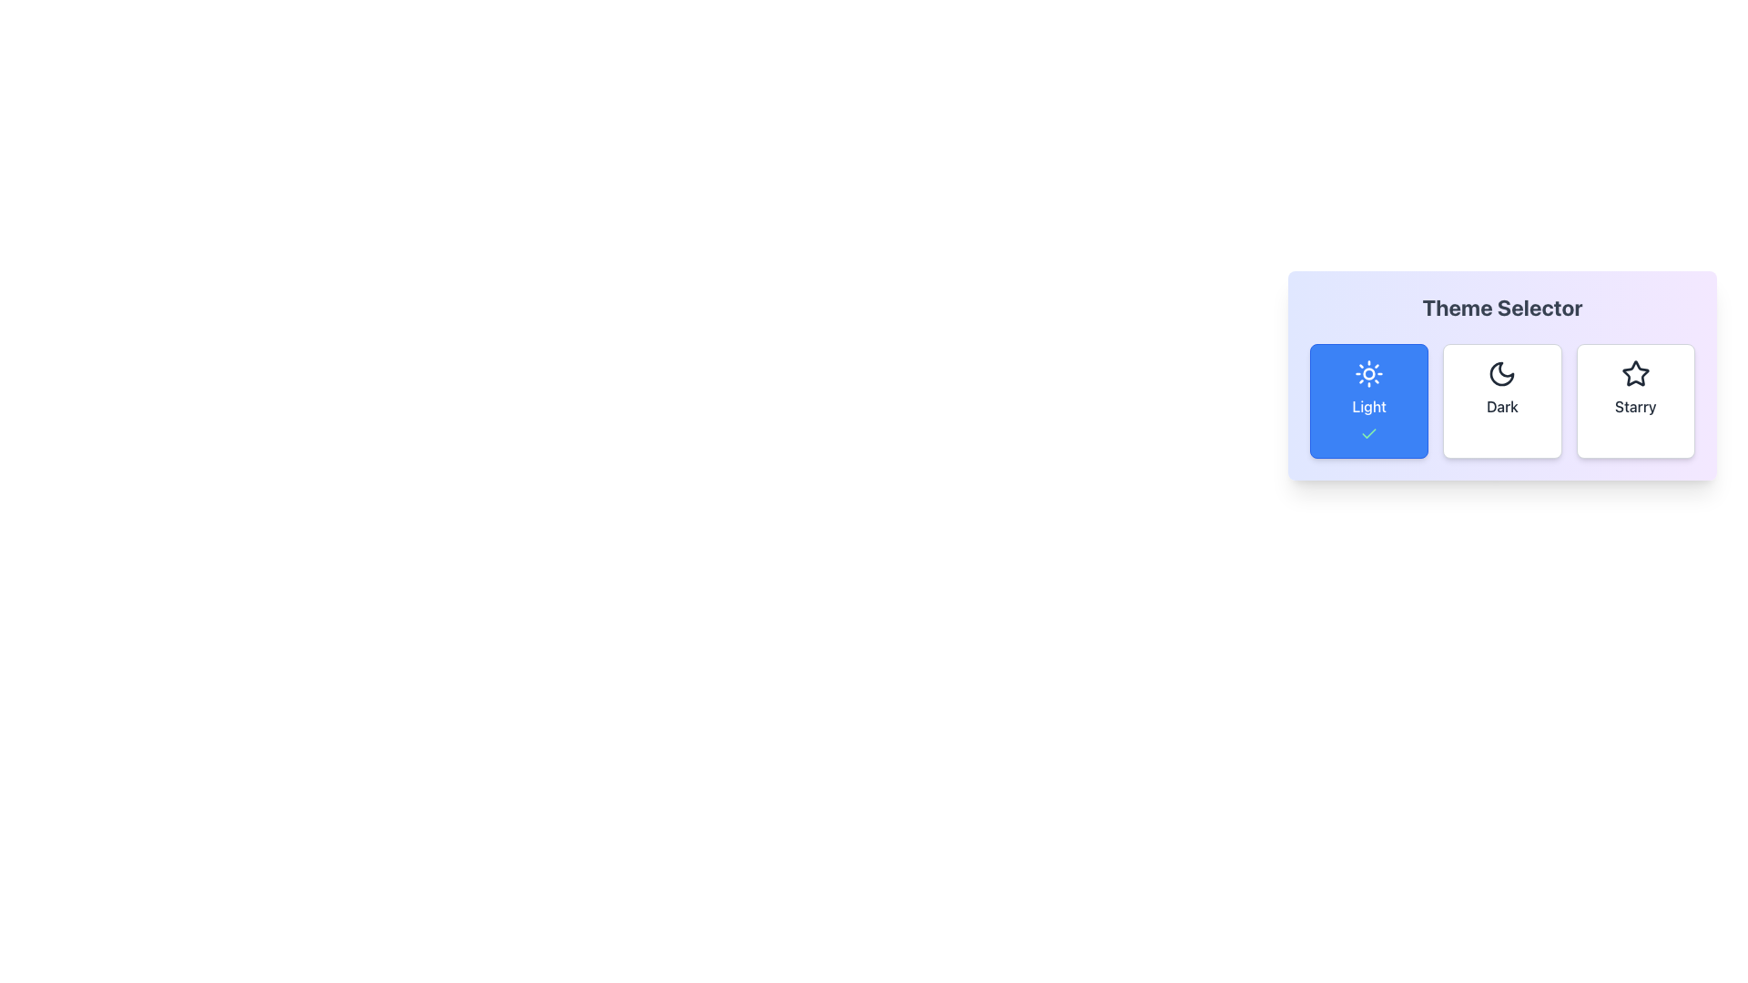 This screenshot has height=983, width=1748. Describe the element at coordinates (1369, 433) in the screenshot. I see `the visual state of the checkmark icon, which signifies an affirmative or selected state, located near the center of the 'Light' theme option within the selector widget` at that location.